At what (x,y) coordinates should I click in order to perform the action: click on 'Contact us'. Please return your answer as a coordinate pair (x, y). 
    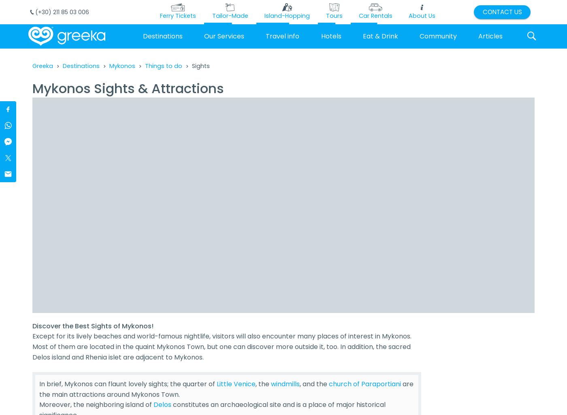
    Looking at the image, I should click on (502, 11).